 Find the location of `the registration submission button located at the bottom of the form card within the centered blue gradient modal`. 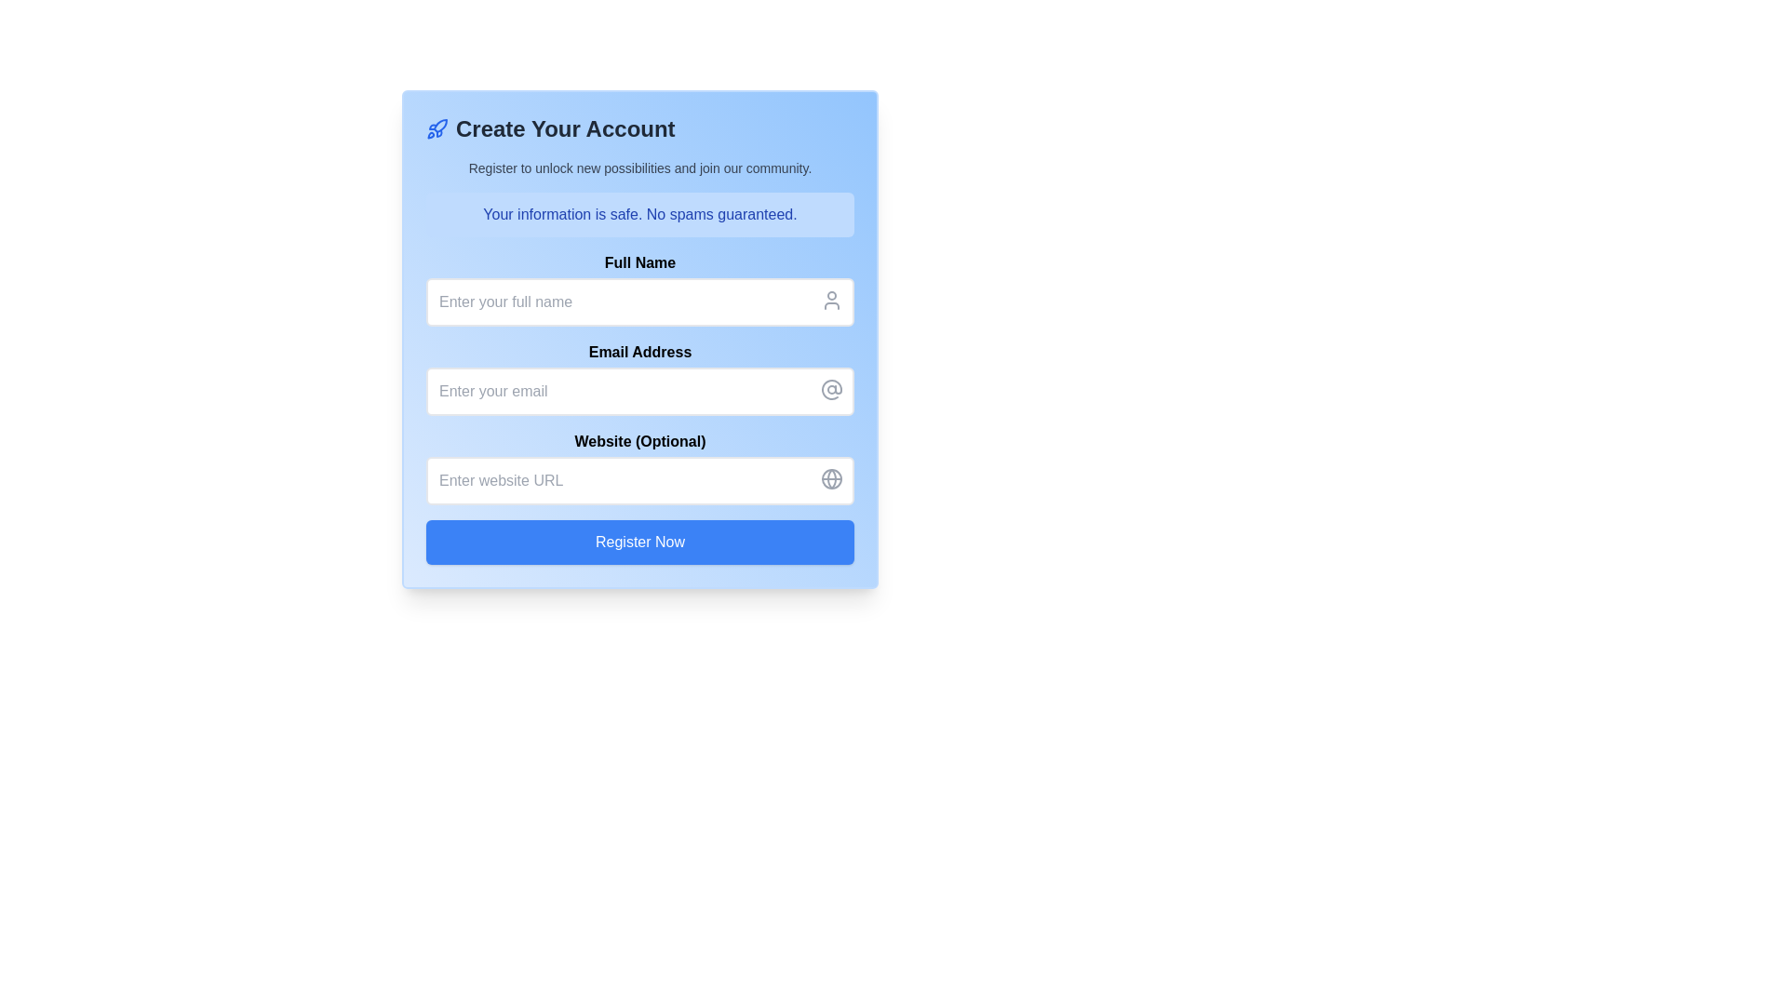

the registration submission button located at the bottom of the form card within the centered blue gradient modal is located at coordinates (639, 542).